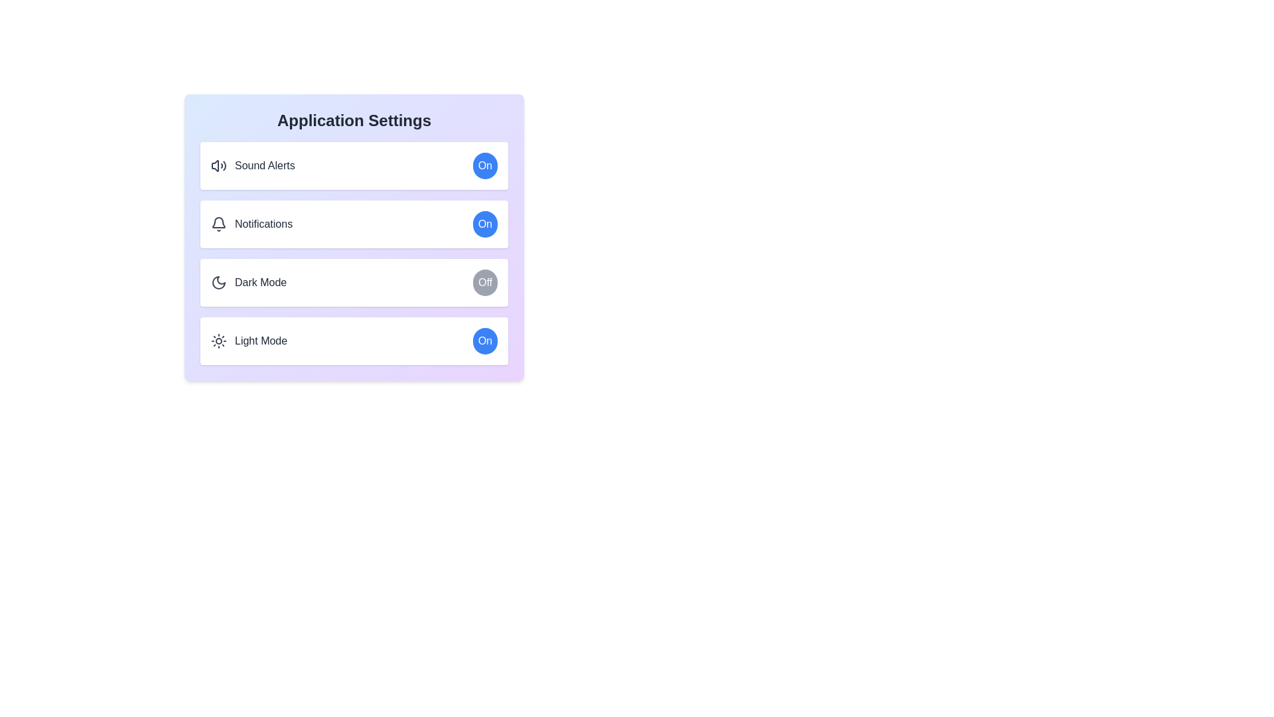 The image size is (1274, 717). I want to click on the speaker icon representing the 'Sound Alerts' setting located at the left of its corresponding button in the application settings interface, so click(215, 165).